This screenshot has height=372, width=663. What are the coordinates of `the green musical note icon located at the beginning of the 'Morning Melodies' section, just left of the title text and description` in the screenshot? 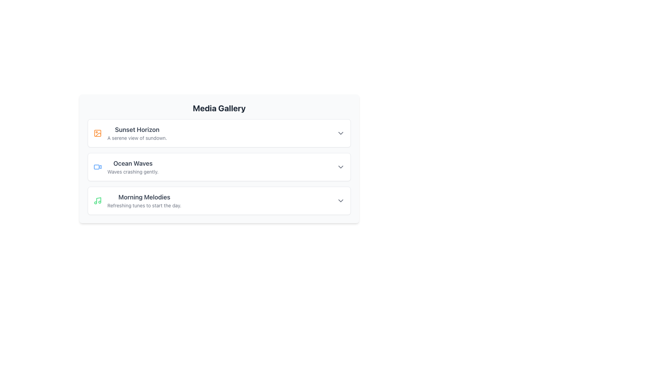 It's located at (97, 200).